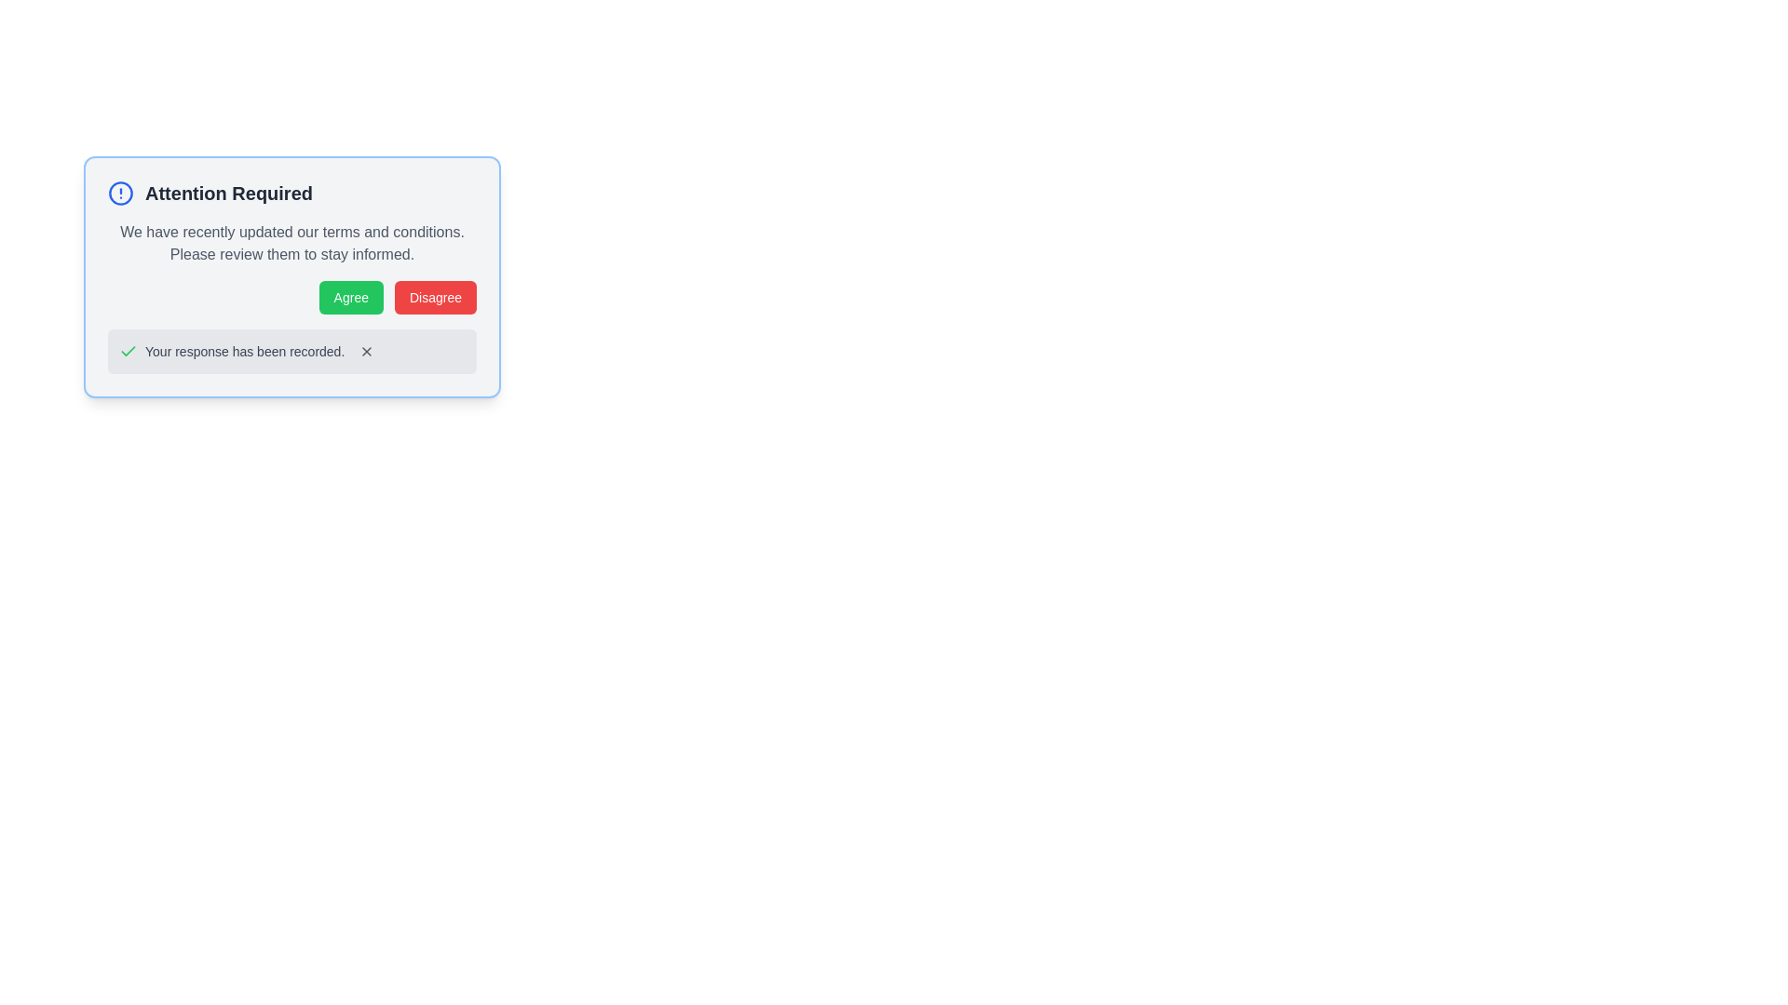 This screenshot has width=1788, height=1005. I want to click on the text label that contains the message 'We have recently updated our terms and conditions.' located below the header 'Attention Required', so click(291, 243).